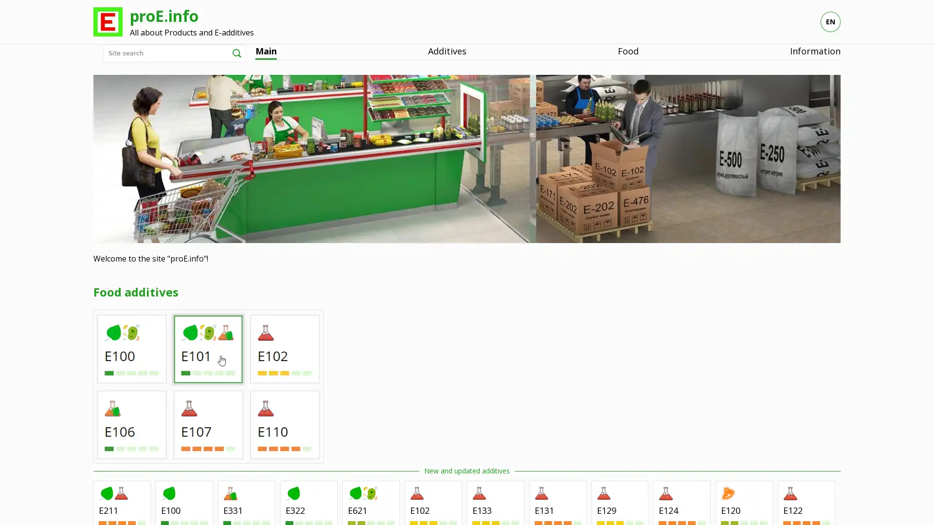 The width and height of the screenshot is (934, 525). Describe the element at coordinates (236, 52) in the screenshot. I see `Apply` at that location.